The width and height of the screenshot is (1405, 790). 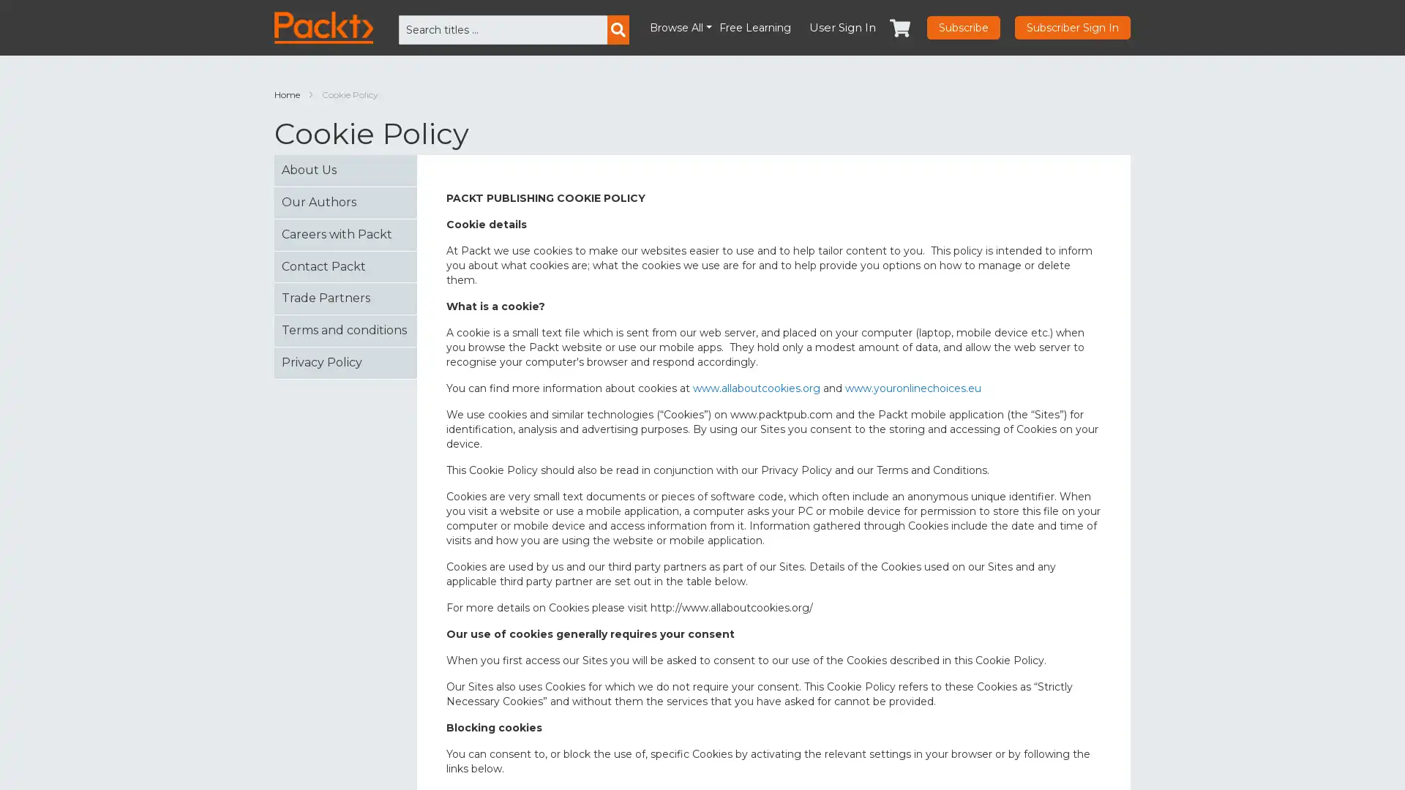 What do you see at coordinates (1072, 28) in the screenshot?
I see `Subscriber Sign In` at bounding box center [1072, 28].